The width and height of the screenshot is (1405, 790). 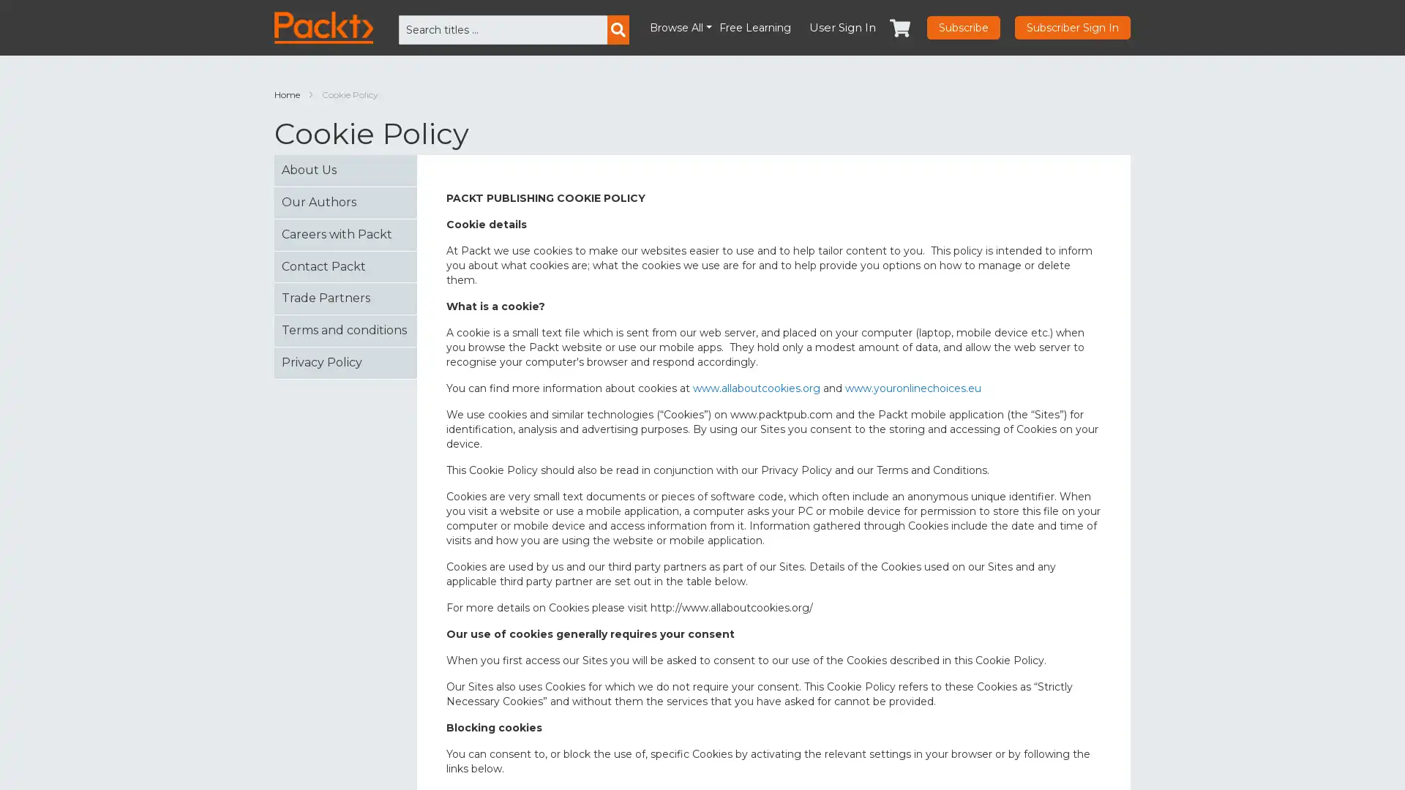 What do you see at coordinates (1072, 28) in the screenshot?
I see `Subscriber Sign In` at bounding box center [1072, 28].